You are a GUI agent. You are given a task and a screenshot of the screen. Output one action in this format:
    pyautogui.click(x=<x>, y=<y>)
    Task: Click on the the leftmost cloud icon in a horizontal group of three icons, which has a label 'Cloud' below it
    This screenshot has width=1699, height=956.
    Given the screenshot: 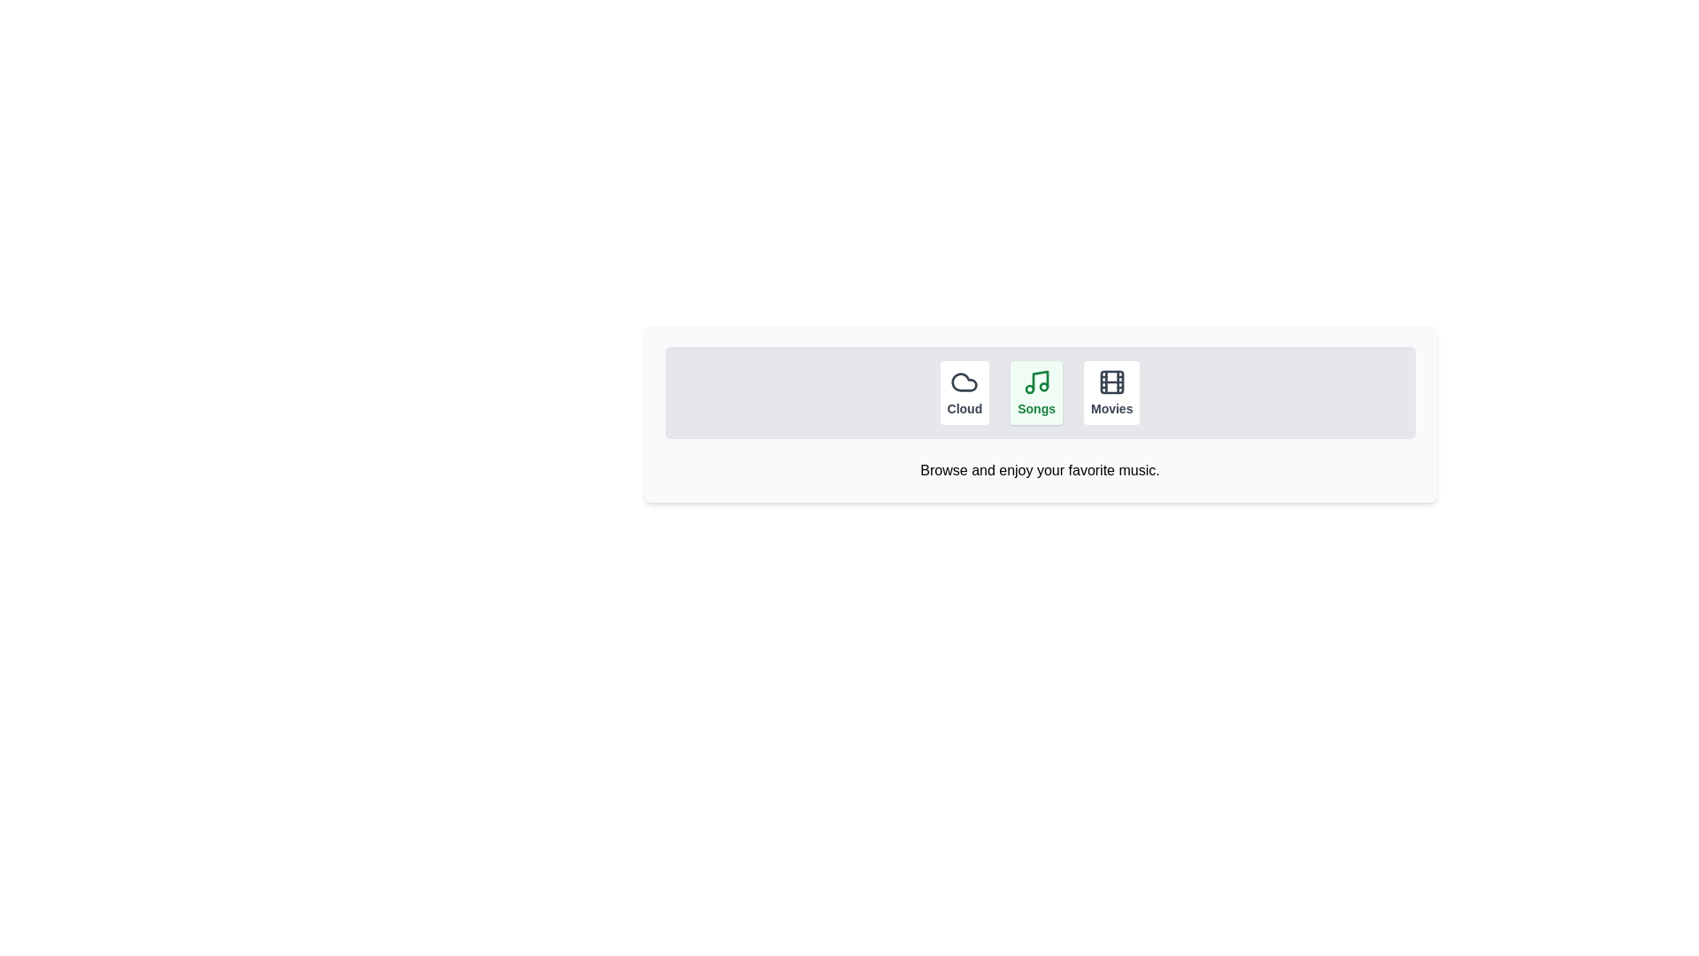 What is the action you would take?
    pyautogui.click(x=964, y=382)
    